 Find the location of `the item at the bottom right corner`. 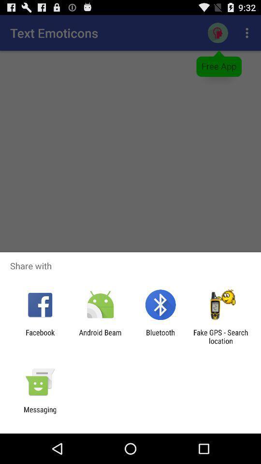

the item at the bottom right corner is located at coordinates (220, 336).